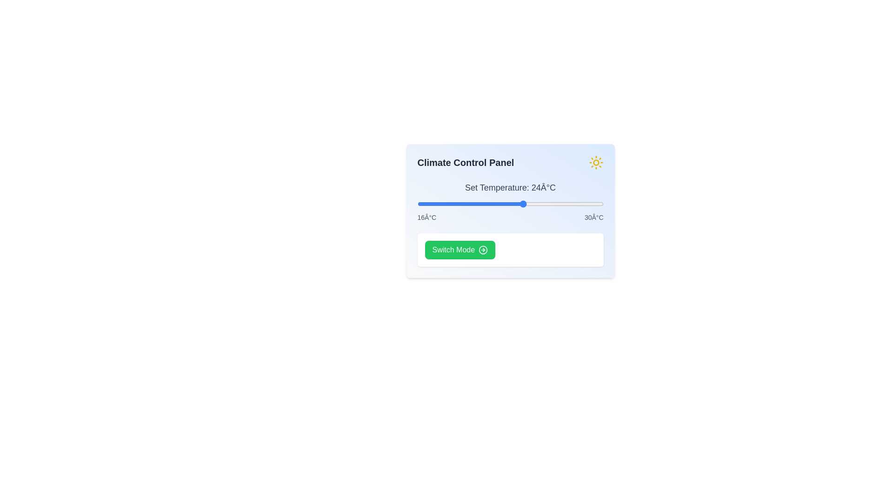 The height and width of the screenshot is (502, 893). Describe the element at coordinates (466, 162) in the screenshot. I see `the title text label of the climate control interface located at the top-left section of the header panel` at that location.